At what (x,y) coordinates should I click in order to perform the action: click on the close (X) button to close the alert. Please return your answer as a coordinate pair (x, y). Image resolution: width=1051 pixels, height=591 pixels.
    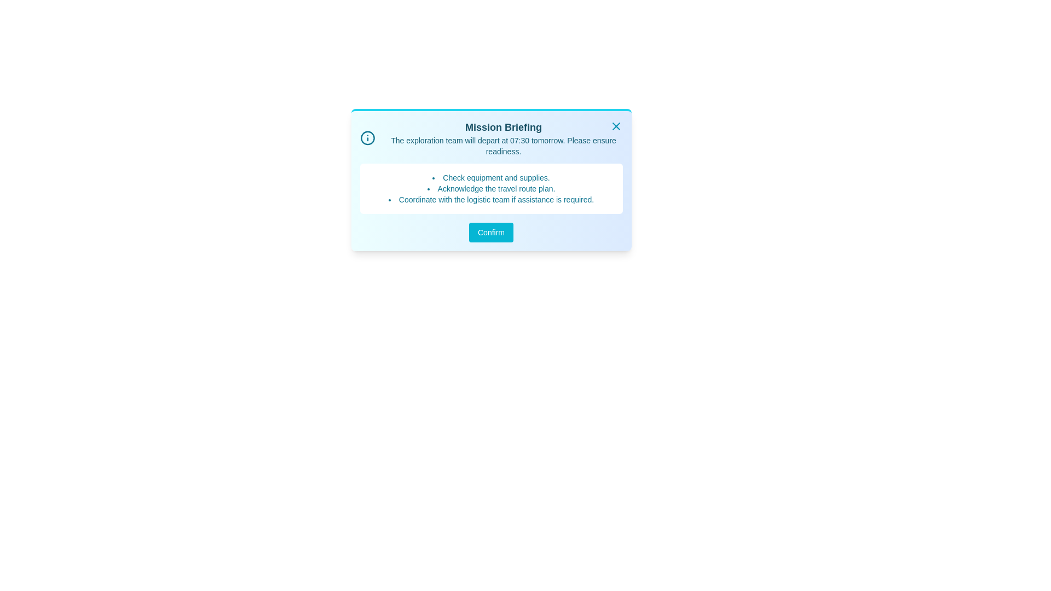
    Looking at the image, I should click on (616, 126).